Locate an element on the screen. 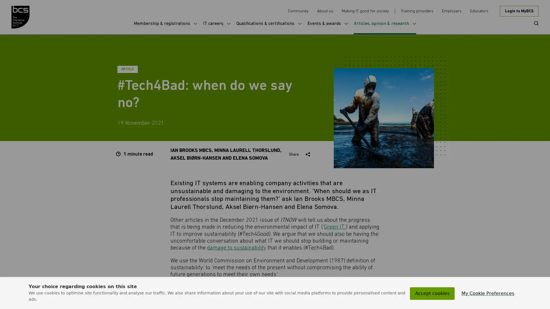  Open Search is located at coordinates (534, 23).